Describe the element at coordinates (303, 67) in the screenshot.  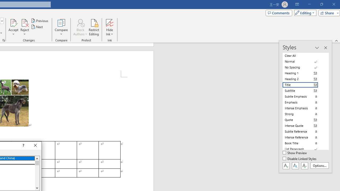
I see `'No Spacing'` at that location.